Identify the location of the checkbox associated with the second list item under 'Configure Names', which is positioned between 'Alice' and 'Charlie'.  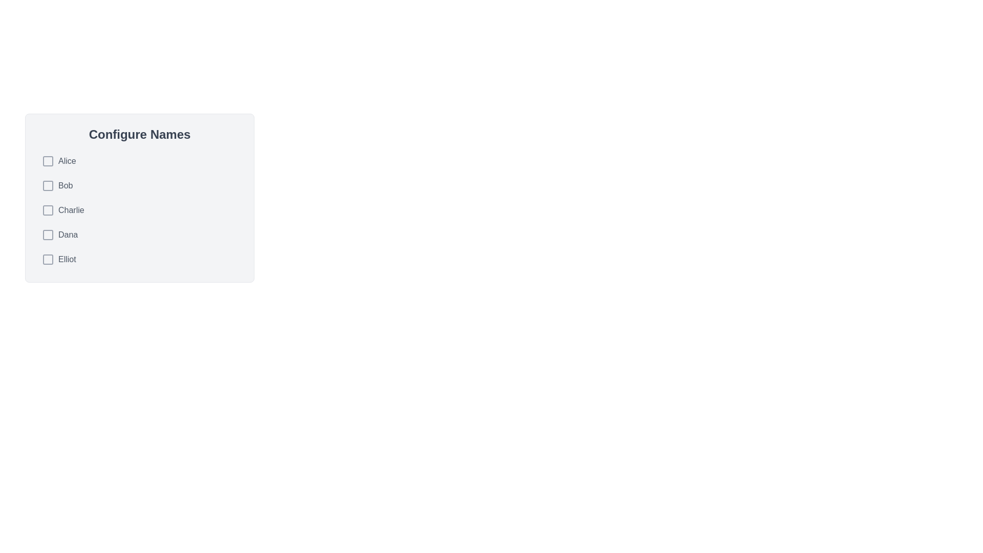
(139, 185).